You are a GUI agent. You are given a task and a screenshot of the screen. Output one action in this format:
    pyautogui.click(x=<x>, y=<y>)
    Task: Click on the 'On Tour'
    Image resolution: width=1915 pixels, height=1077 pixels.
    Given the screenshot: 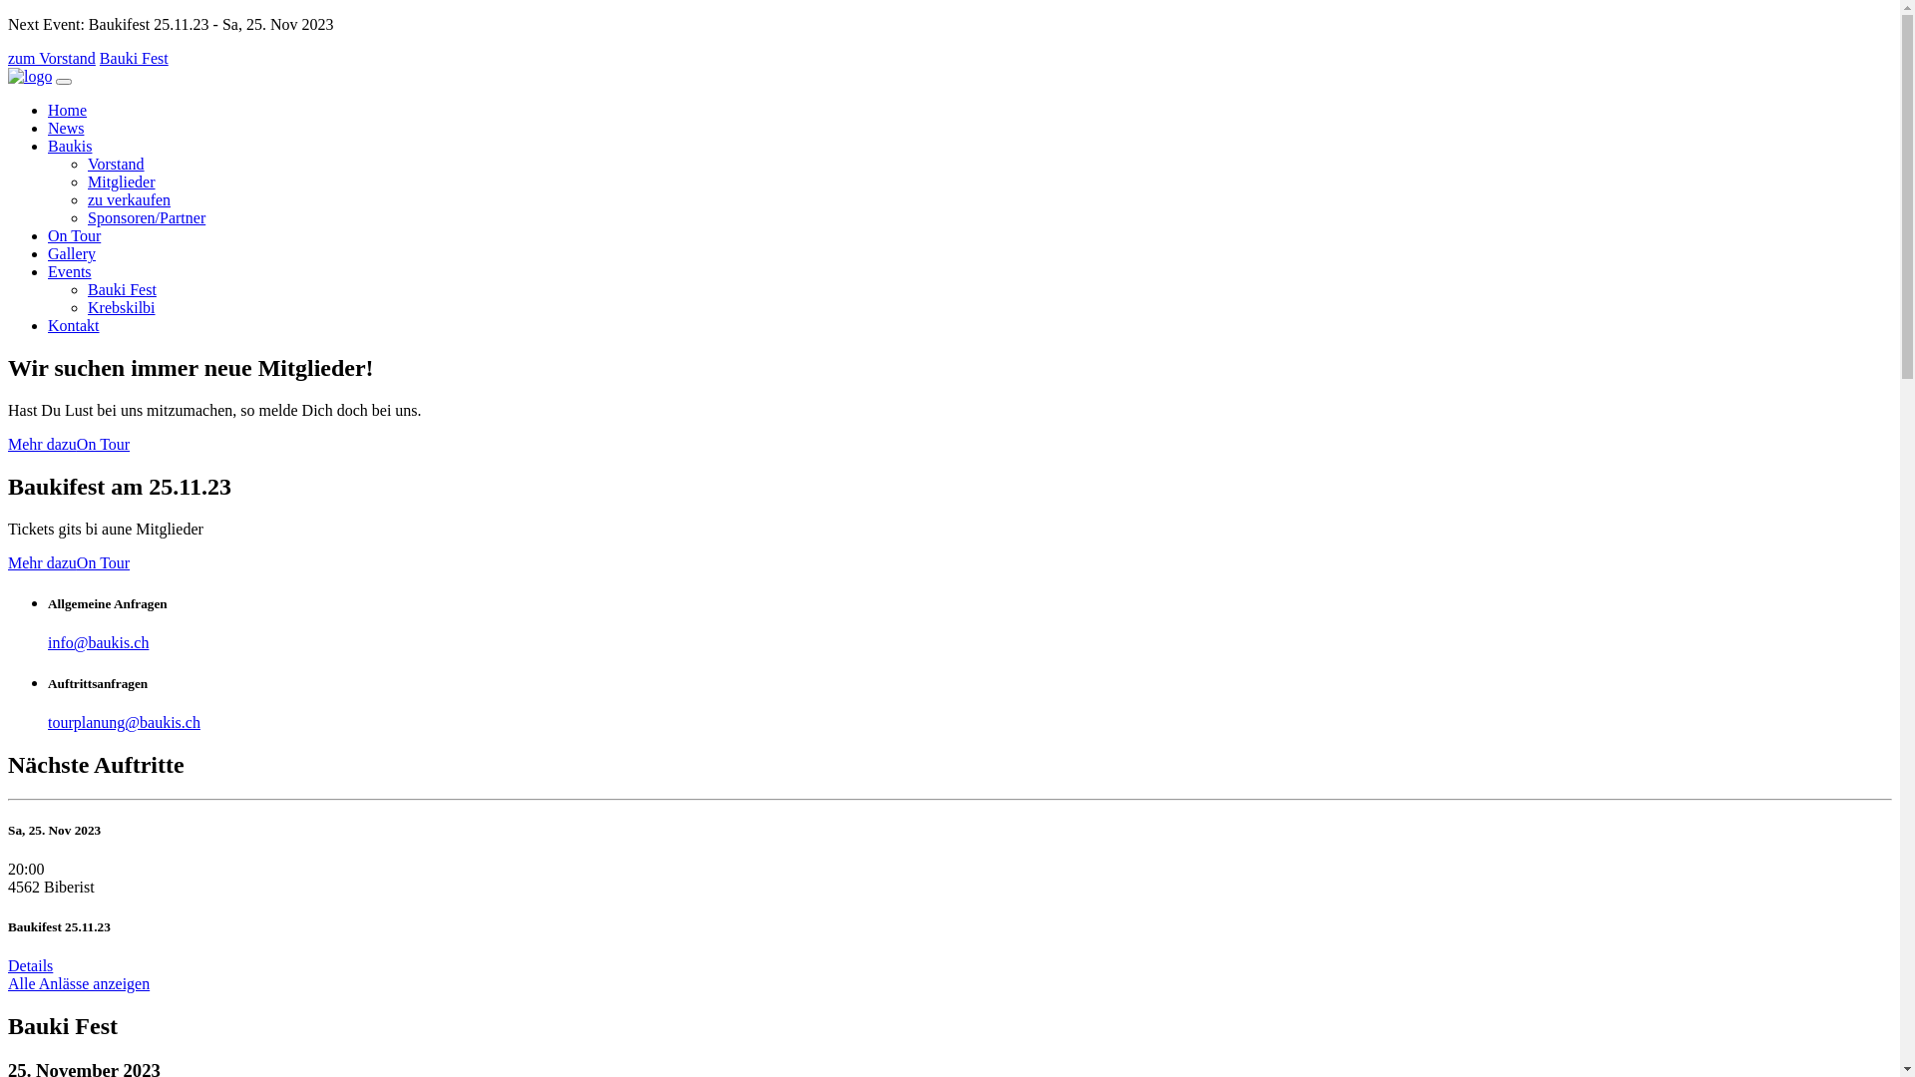 What is the action you would take?
    pyautogui.click(x=102, y=443)
    